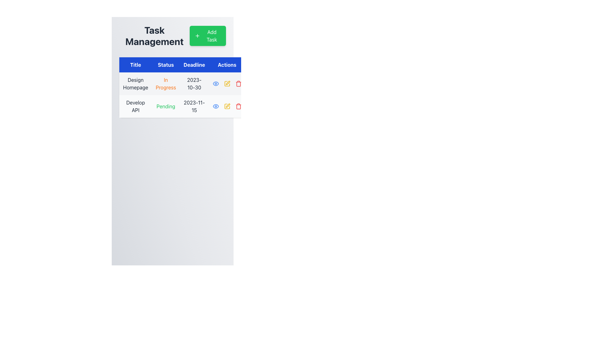 This screenshot has height=340, width=606. Describe the element at coordinates (166, 106) in the screenshot. I see `the green text label 'Pending' in the Status column of the task table for the 'Develop API' task` at that location.